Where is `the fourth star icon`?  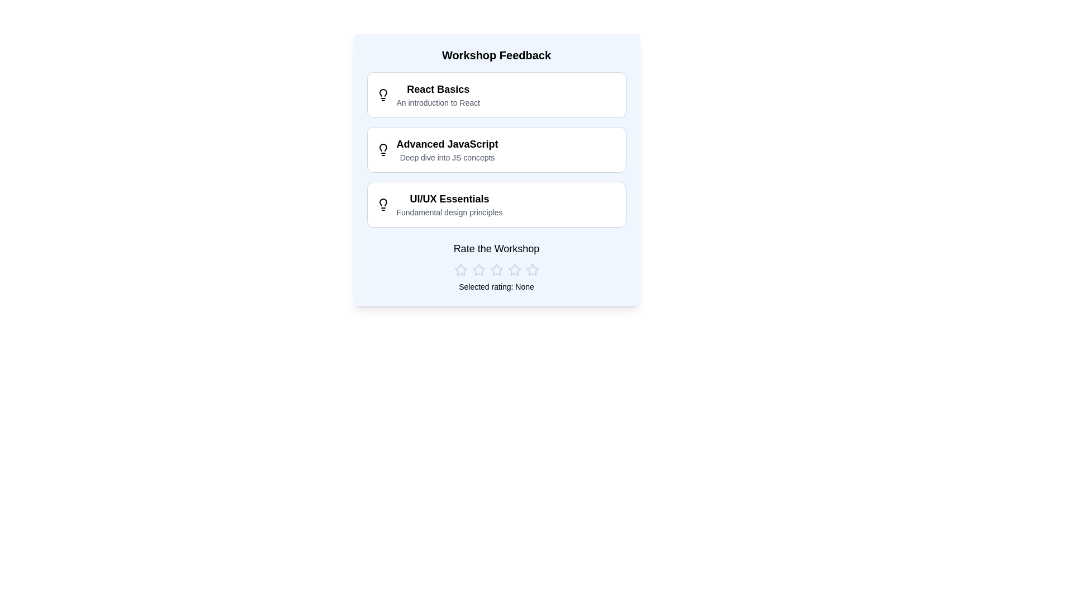
the fourth star icon is located at coordinates (514, 270).